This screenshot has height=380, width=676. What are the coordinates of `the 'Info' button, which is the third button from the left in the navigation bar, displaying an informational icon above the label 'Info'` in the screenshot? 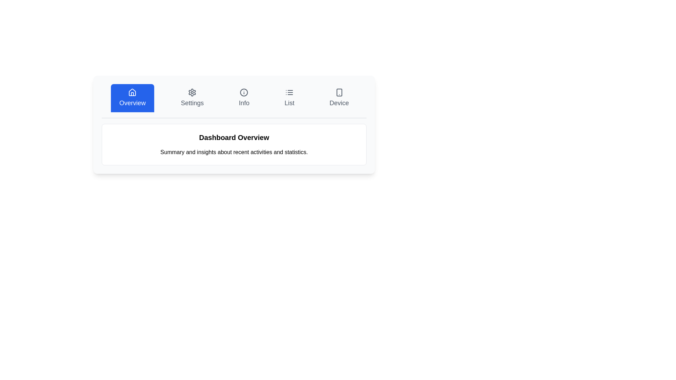 It's located at (244, 98).